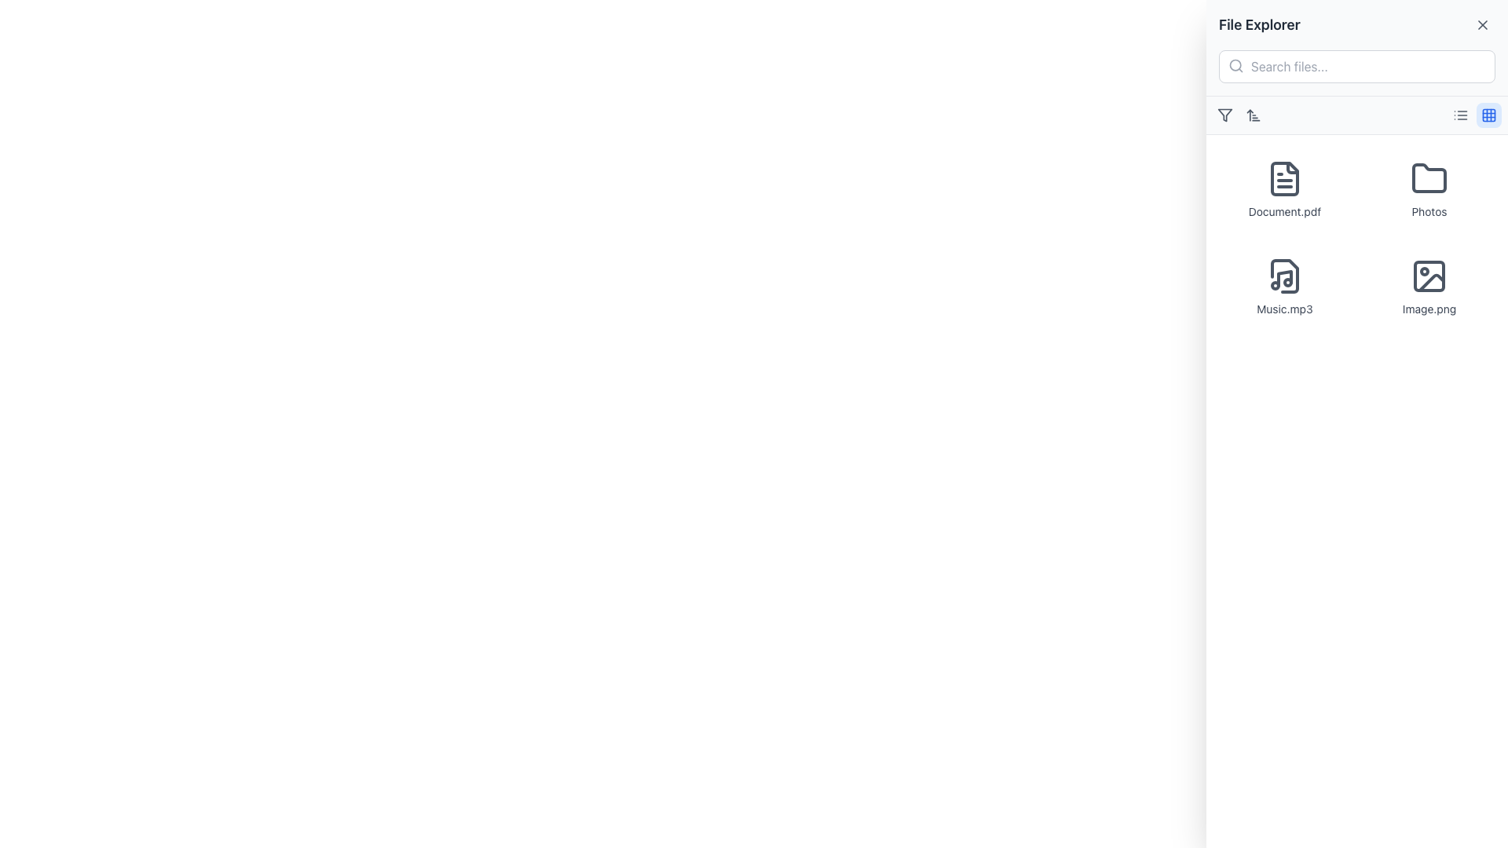  Describe the element at coordinates (1429, 287) in the screenshot. I see `the File icon labeled 'Image.png' located in the bottom-right corner of the grid` at that location.